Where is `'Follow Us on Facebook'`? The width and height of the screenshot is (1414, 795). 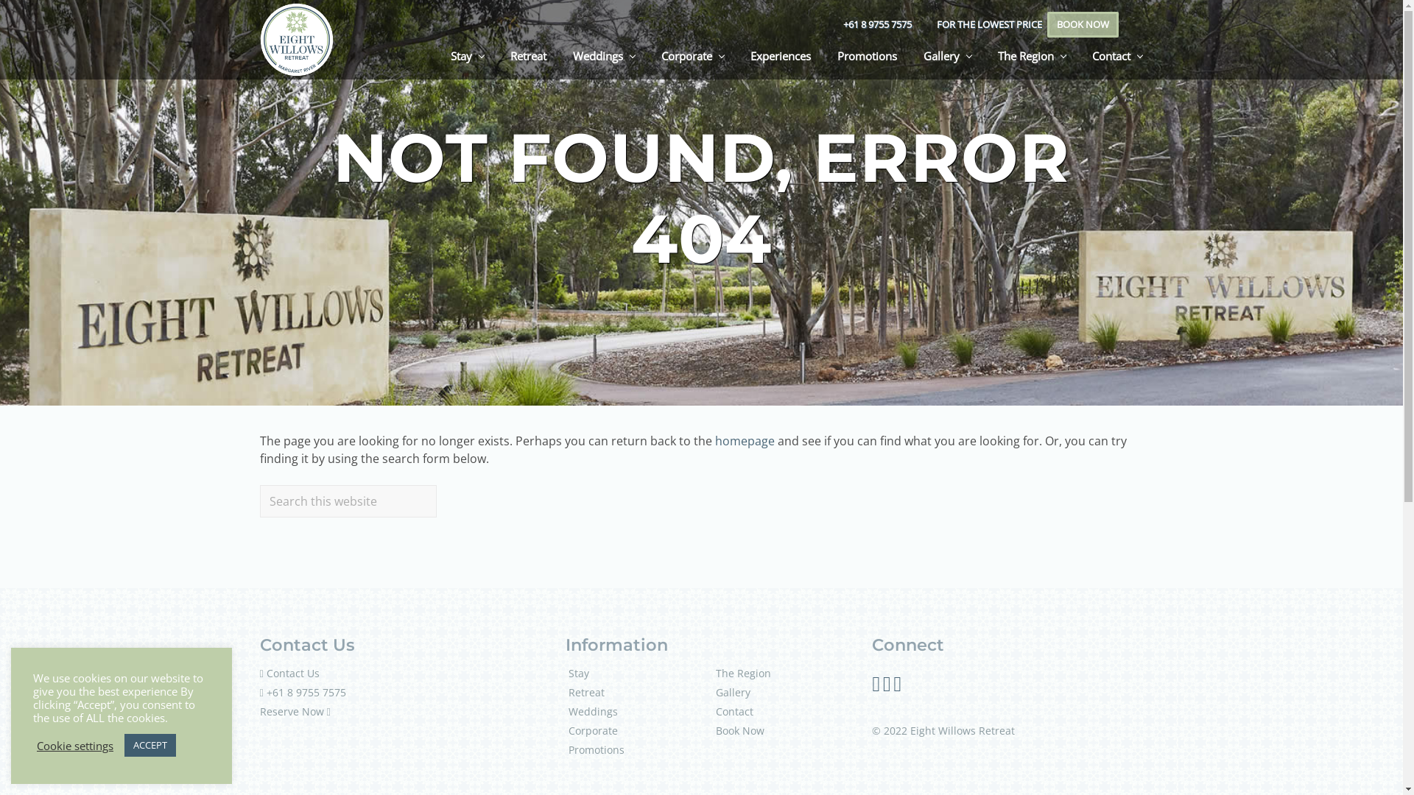 'Follow Us on Facebook' is located at coordinates (876, 687).